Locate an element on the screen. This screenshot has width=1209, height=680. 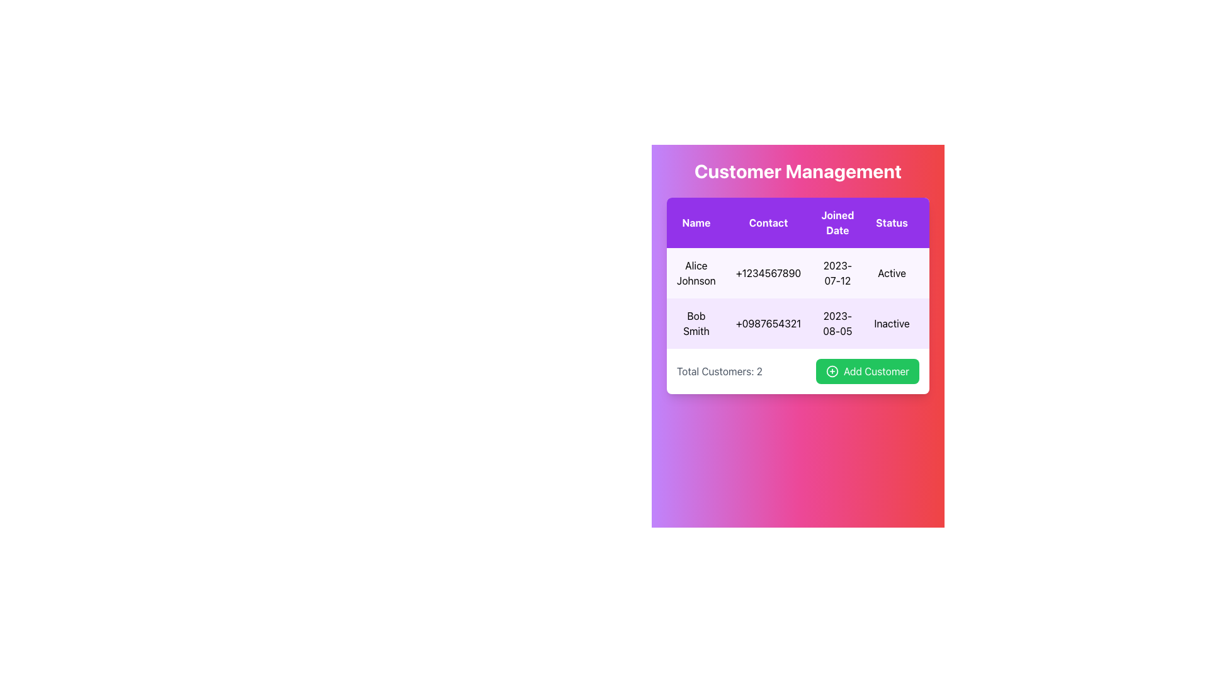
text from the 'Name' text label, which is the first column header in the table with a purple background and white text is located at coordinates (695, 222).